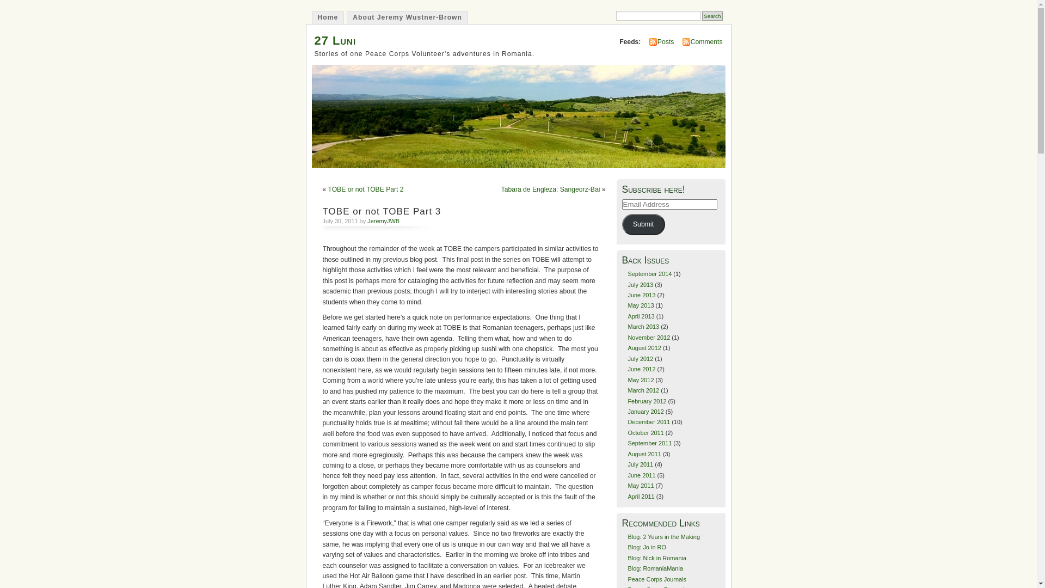 The width and height of the screenshot is (1045, 588). Describe the element at coordinates (640, 379) in the screenshot. I see `'May 2012'` at that location.